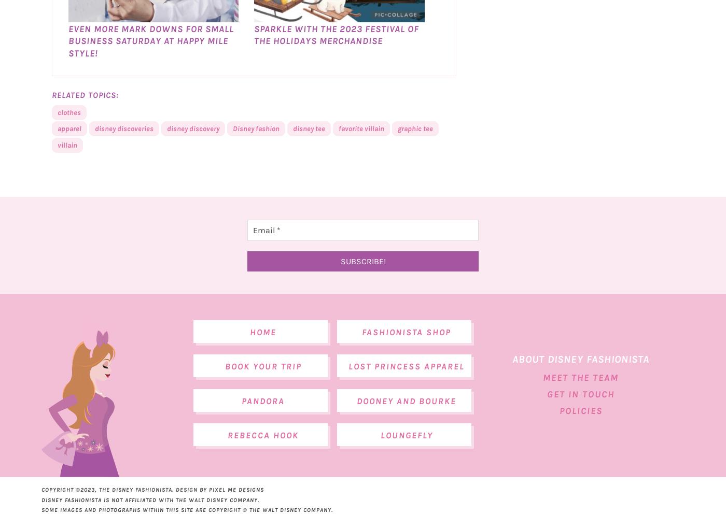 The height and width of the screenshot is (515, 726). I want to click on 'Dooney and Bourke', so click(407, 423).